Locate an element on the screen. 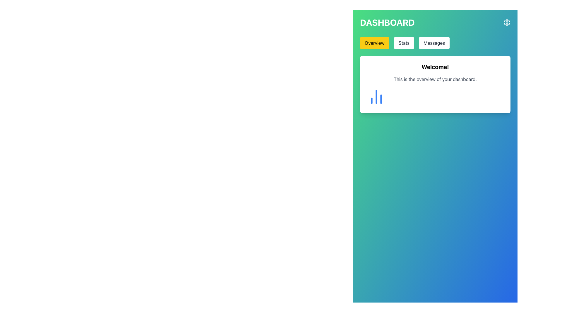  the gear icon button located at the top right corner of the dashboard header is located at coordinates (507, 22).